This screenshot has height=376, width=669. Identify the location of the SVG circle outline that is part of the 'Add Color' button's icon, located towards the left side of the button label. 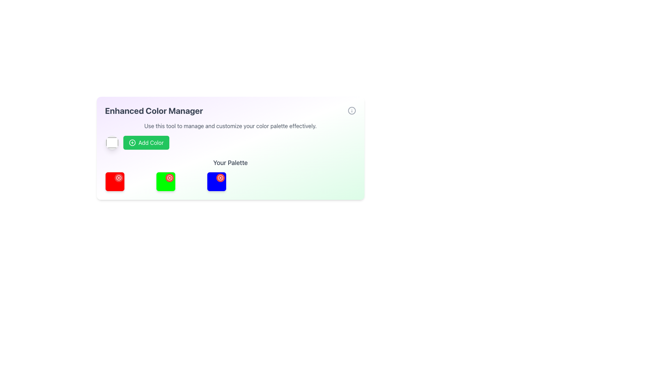
(132, 142).